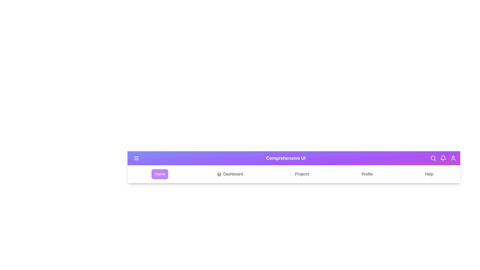 The image size is (480, 270). I want to click on the Home section from the navigation menu, so click(159, 174).